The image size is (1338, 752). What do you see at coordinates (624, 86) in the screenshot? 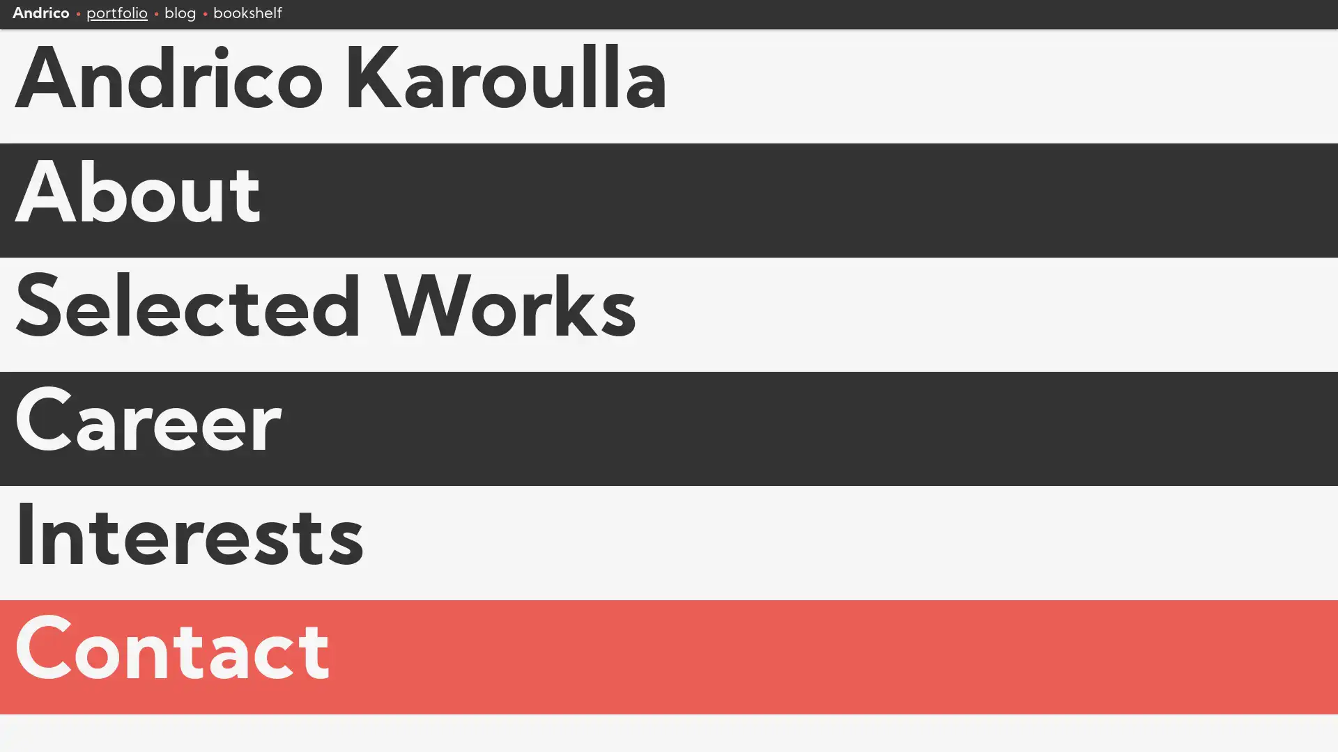
I see `Andrico Karoulla` at bounding box center [624, 86].